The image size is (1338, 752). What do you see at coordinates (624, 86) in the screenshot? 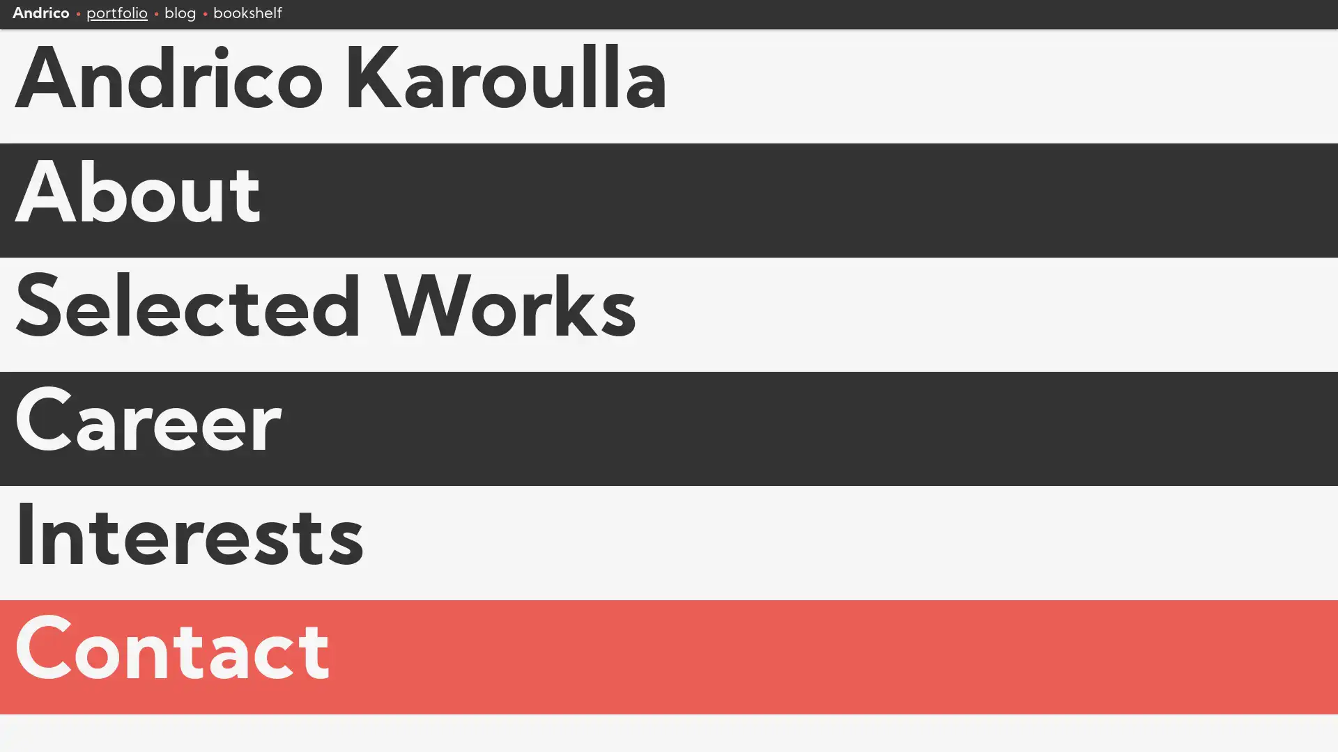
I see `Andrico Karoulla` at bounding box center [624, 86].